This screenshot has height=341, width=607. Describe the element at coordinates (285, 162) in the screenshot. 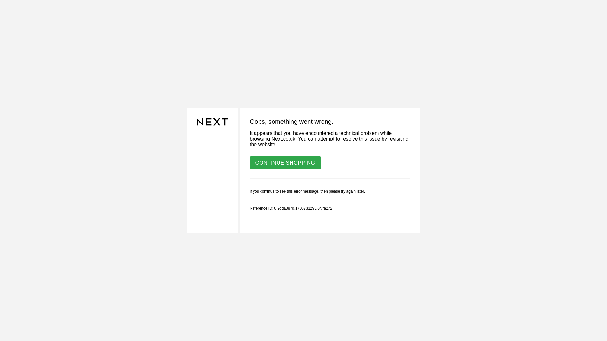

I see `'CONTINUE SHOPPING'` at that location.